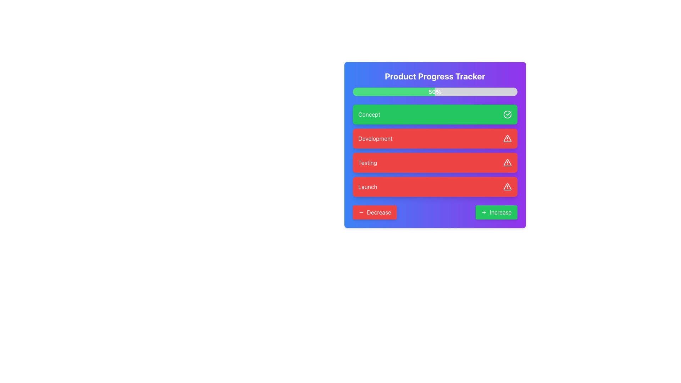 The image size is (681, 383). I want to click on the status indicated by the circular check mark icon with a green background located at the end of the 'Concept' label, so click(507, 114).